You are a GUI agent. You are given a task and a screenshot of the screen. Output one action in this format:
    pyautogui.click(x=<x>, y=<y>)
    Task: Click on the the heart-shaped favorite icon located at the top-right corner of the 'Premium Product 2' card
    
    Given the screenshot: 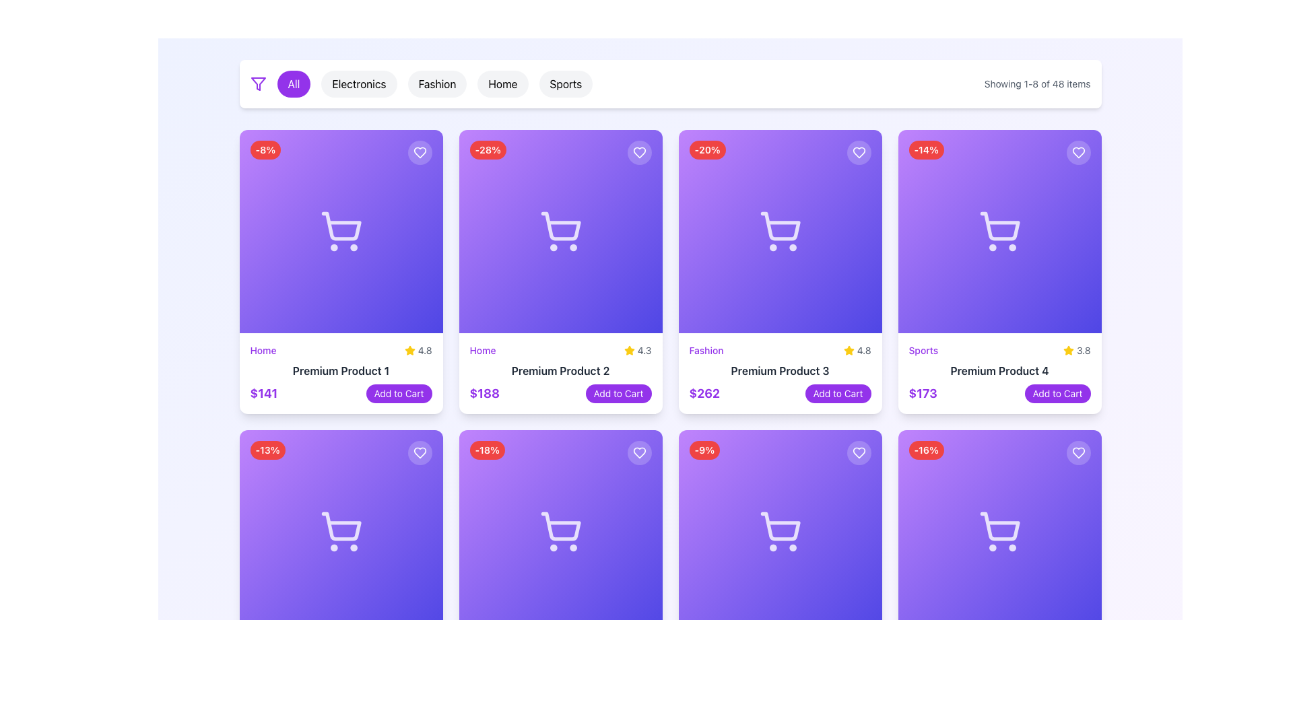 What is the action you would take?
    pyautogui.click(x=638, y=152)
    